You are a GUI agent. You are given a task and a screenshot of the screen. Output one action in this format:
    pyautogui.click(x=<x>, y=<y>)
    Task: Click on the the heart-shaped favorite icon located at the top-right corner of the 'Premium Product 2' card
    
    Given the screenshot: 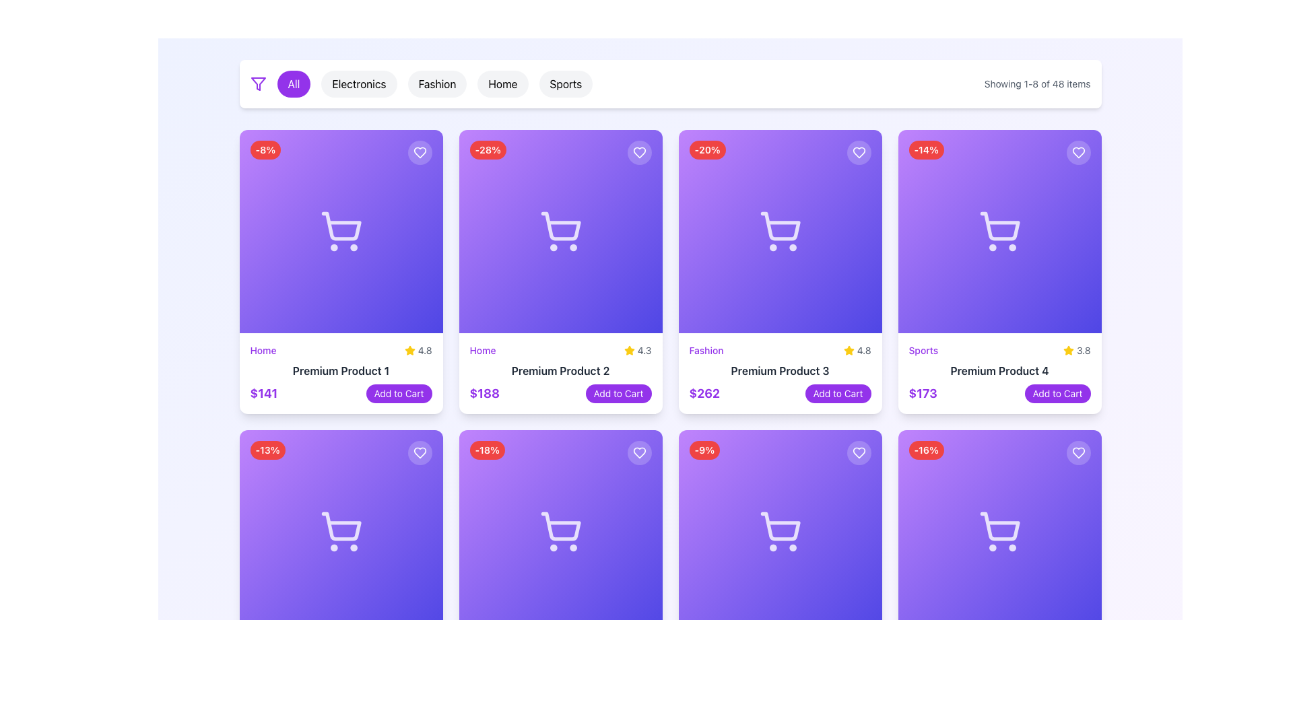 What is the action you would take?
    pyautogui.click(x=638, y=152)
    